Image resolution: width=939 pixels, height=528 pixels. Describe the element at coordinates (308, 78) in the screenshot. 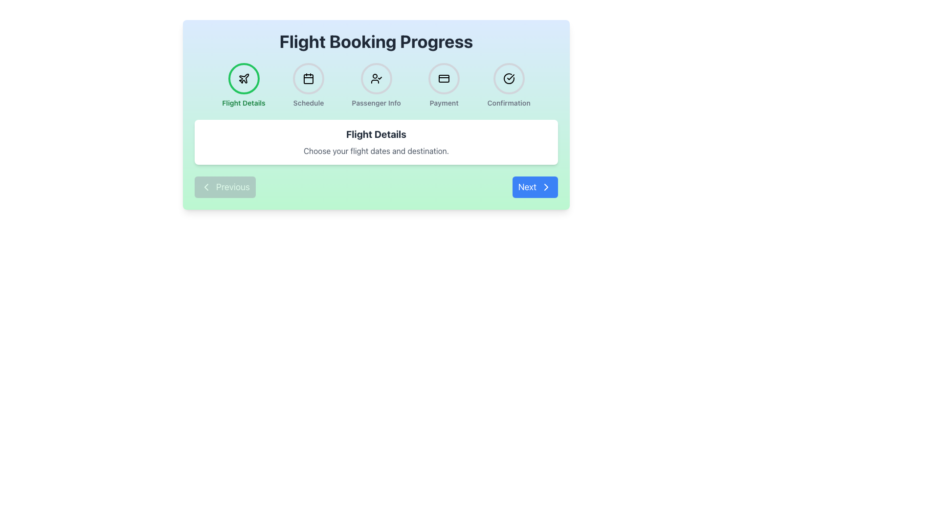

I see `the 'Schedule' Circular Icon Button, which is the second icon in the horizontal list representing steps in the flight booking process` at that location.